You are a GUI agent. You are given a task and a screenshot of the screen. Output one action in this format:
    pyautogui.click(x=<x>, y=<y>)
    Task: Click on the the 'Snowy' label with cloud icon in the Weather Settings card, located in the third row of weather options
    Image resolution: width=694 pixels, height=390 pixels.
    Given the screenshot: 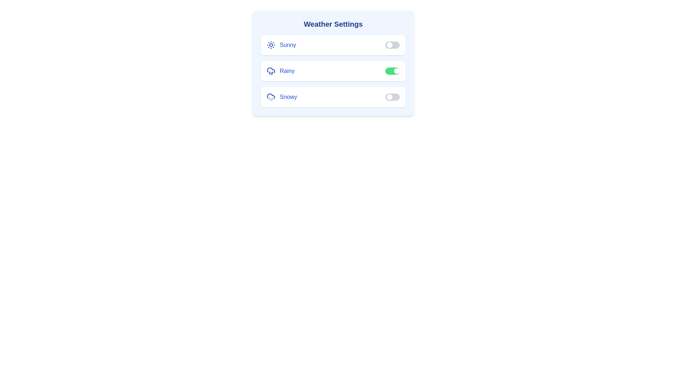 What is the action you would take?
    pyautogui.click(x=282, y=97)
    